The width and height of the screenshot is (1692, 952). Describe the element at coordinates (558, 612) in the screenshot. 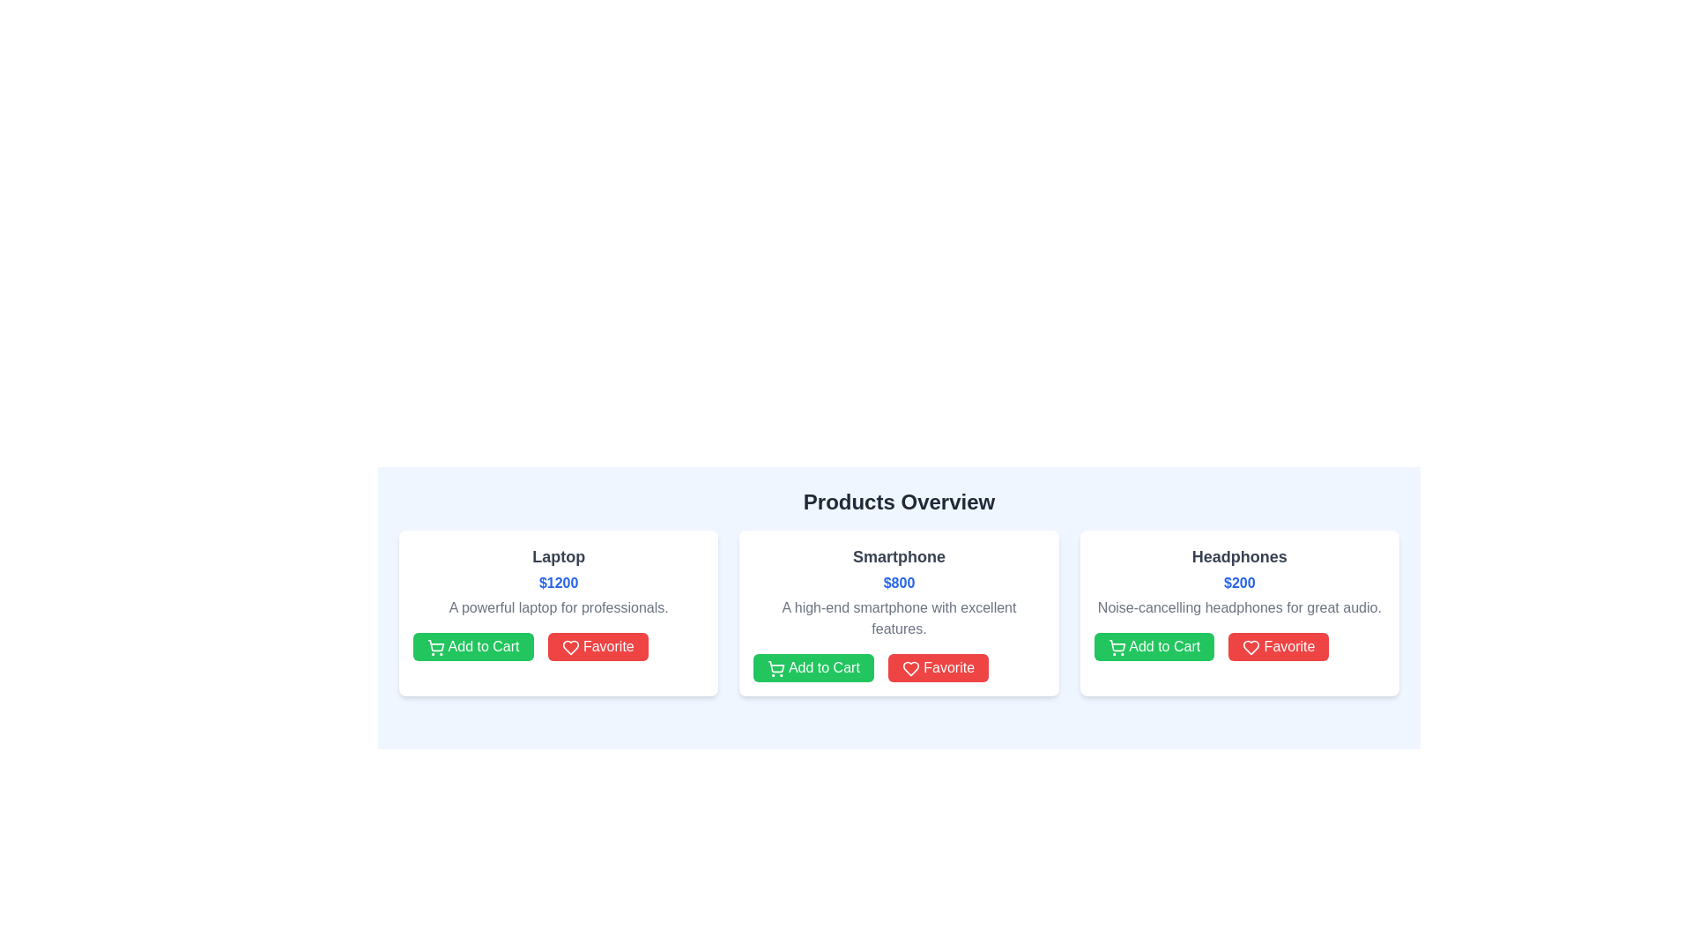

I see `to select the Product card, which is the first item` at that location.